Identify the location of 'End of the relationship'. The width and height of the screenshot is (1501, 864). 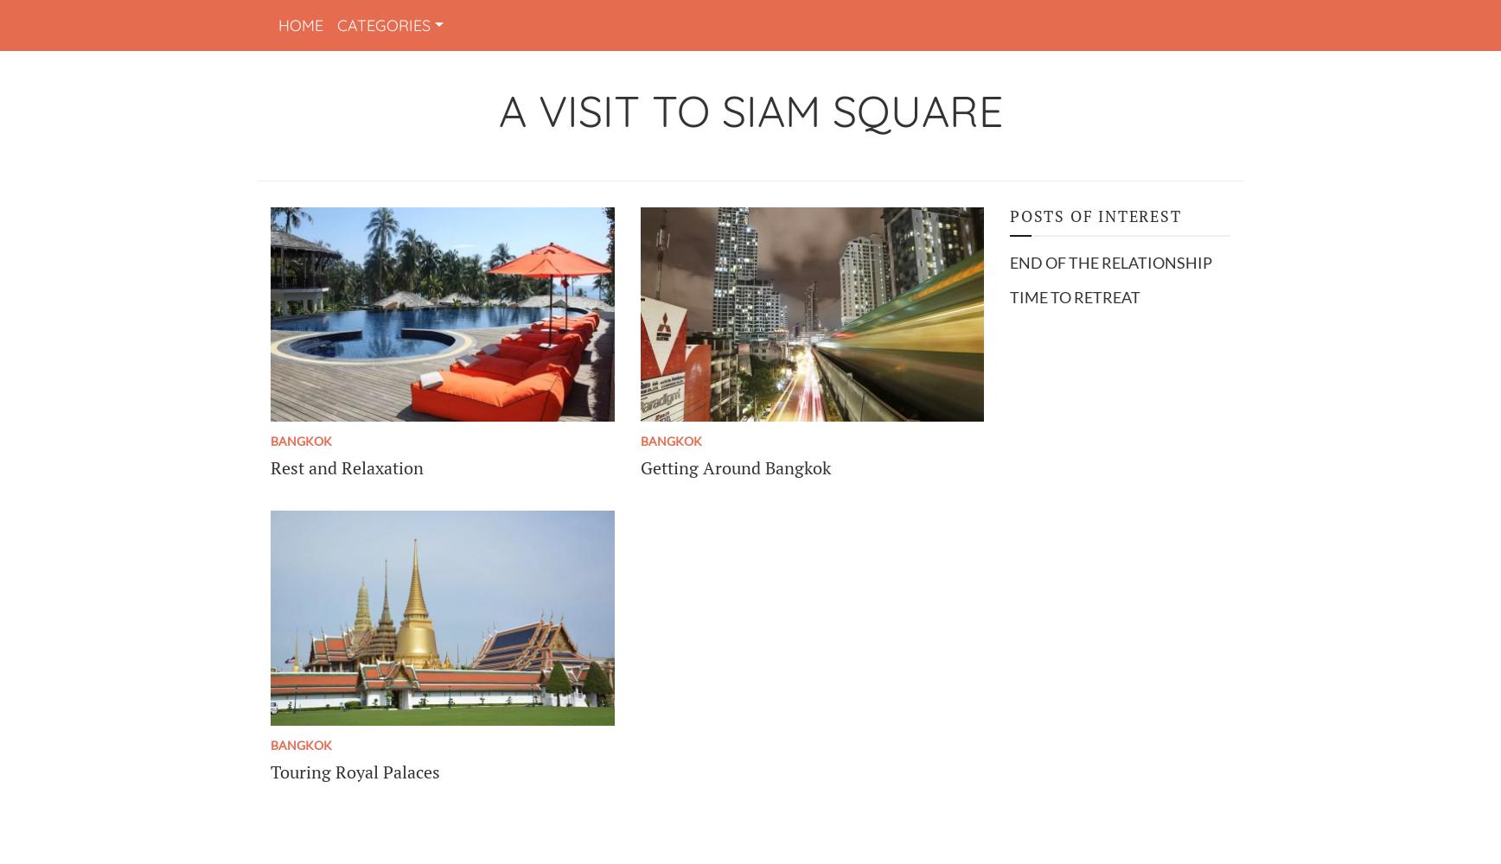
(1110, 262).